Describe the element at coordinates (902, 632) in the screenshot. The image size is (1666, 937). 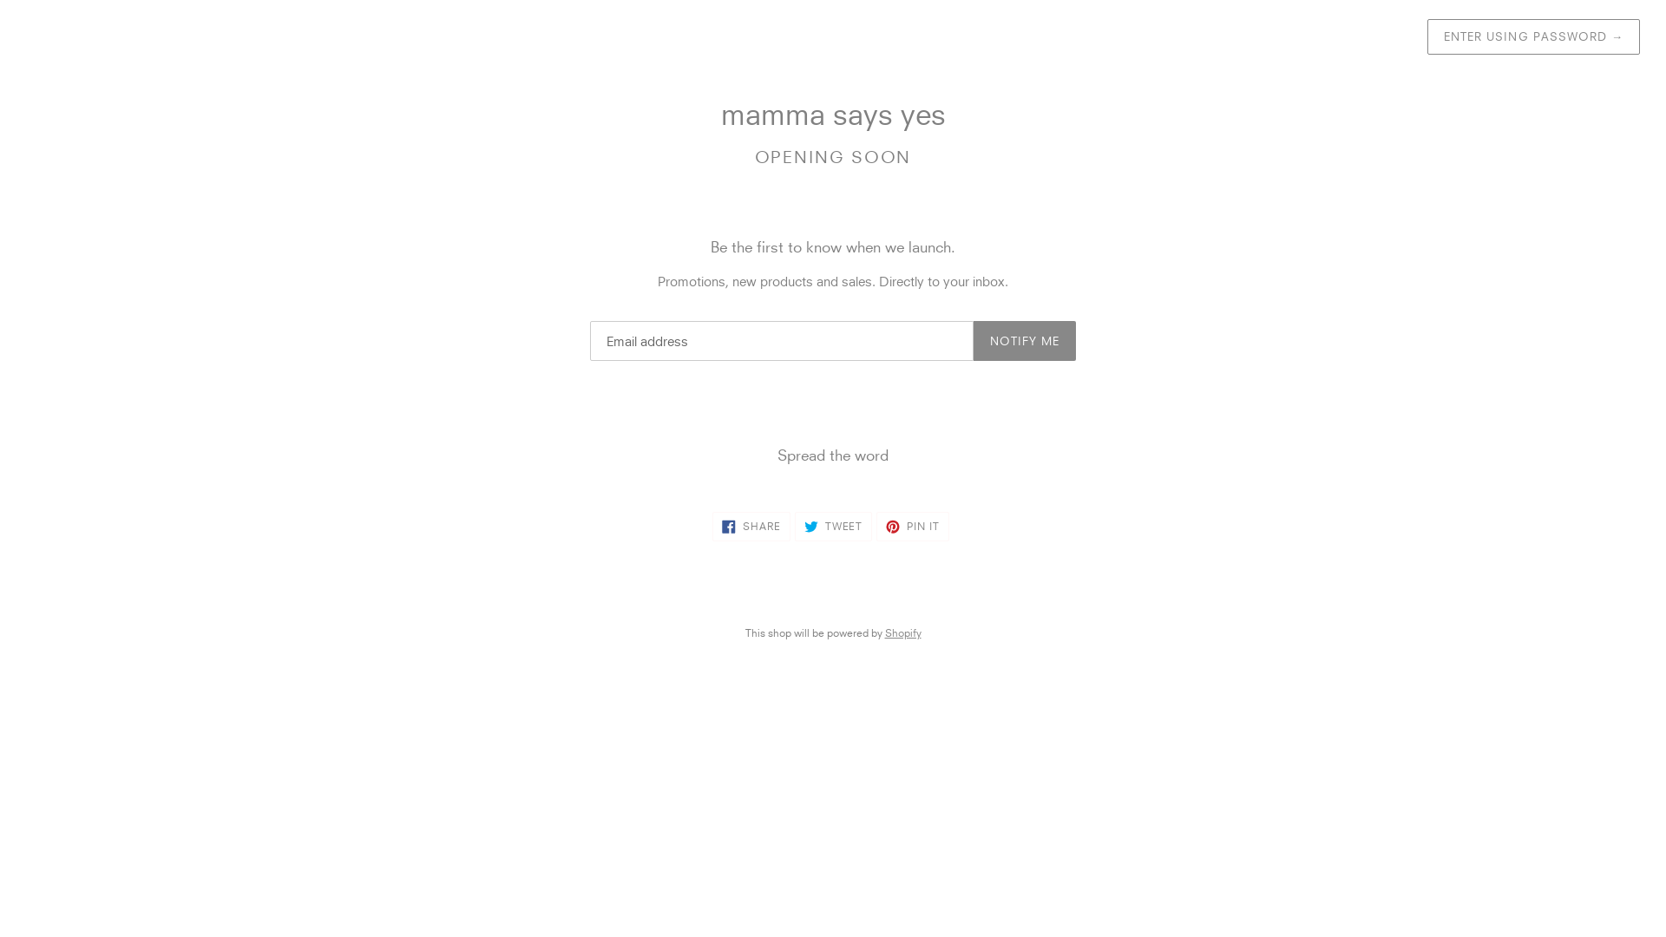
I see `'Shopify'` at that location.